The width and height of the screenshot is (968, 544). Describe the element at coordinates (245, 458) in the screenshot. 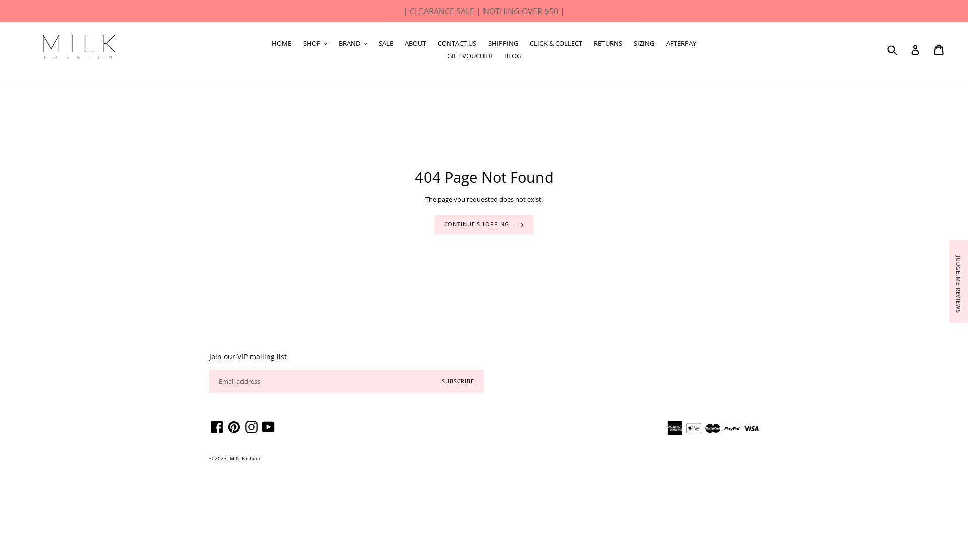

I see `'Milk Fashion'` at that location.